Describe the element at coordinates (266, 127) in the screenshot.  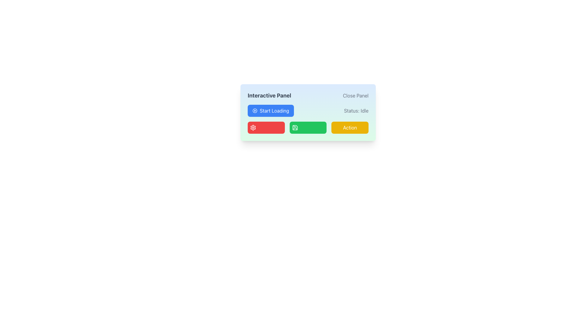
I see `the leftmost rectangular button with a red background and a white gear icon` at that location.